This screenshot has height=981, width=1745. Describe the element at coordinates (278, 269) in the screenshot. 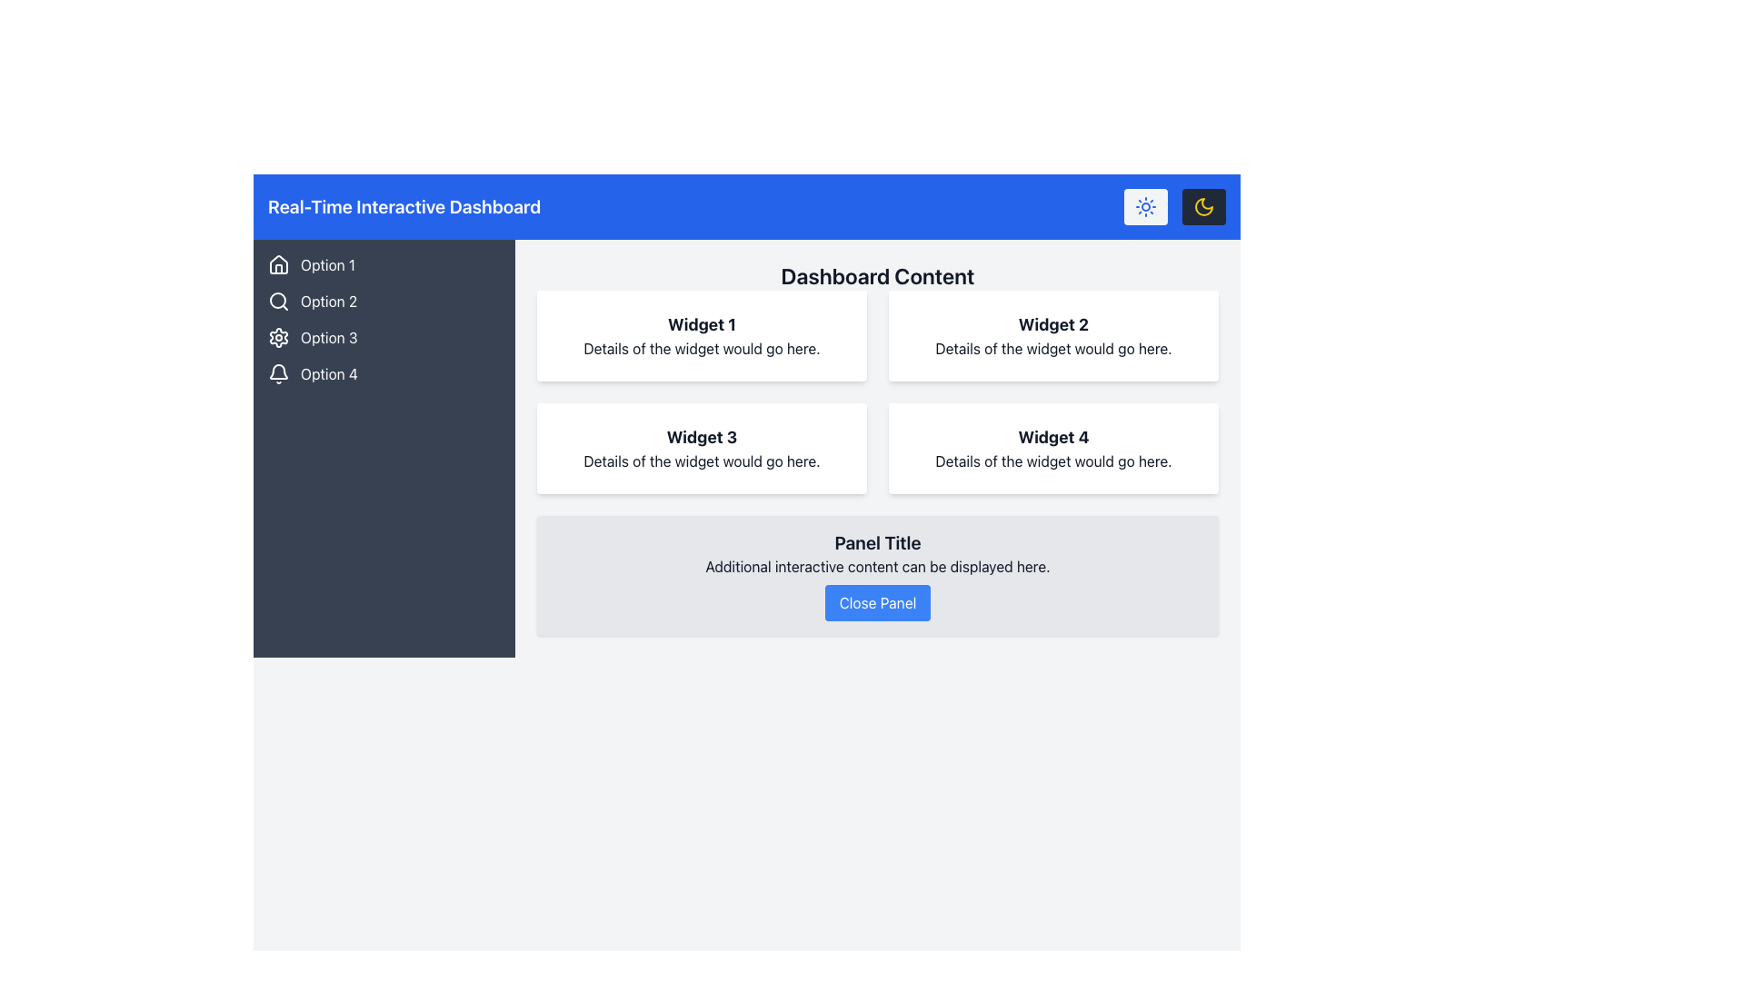

I see `the door icon within the house symbol located in the sidebar under 'Option 1'` at that location.